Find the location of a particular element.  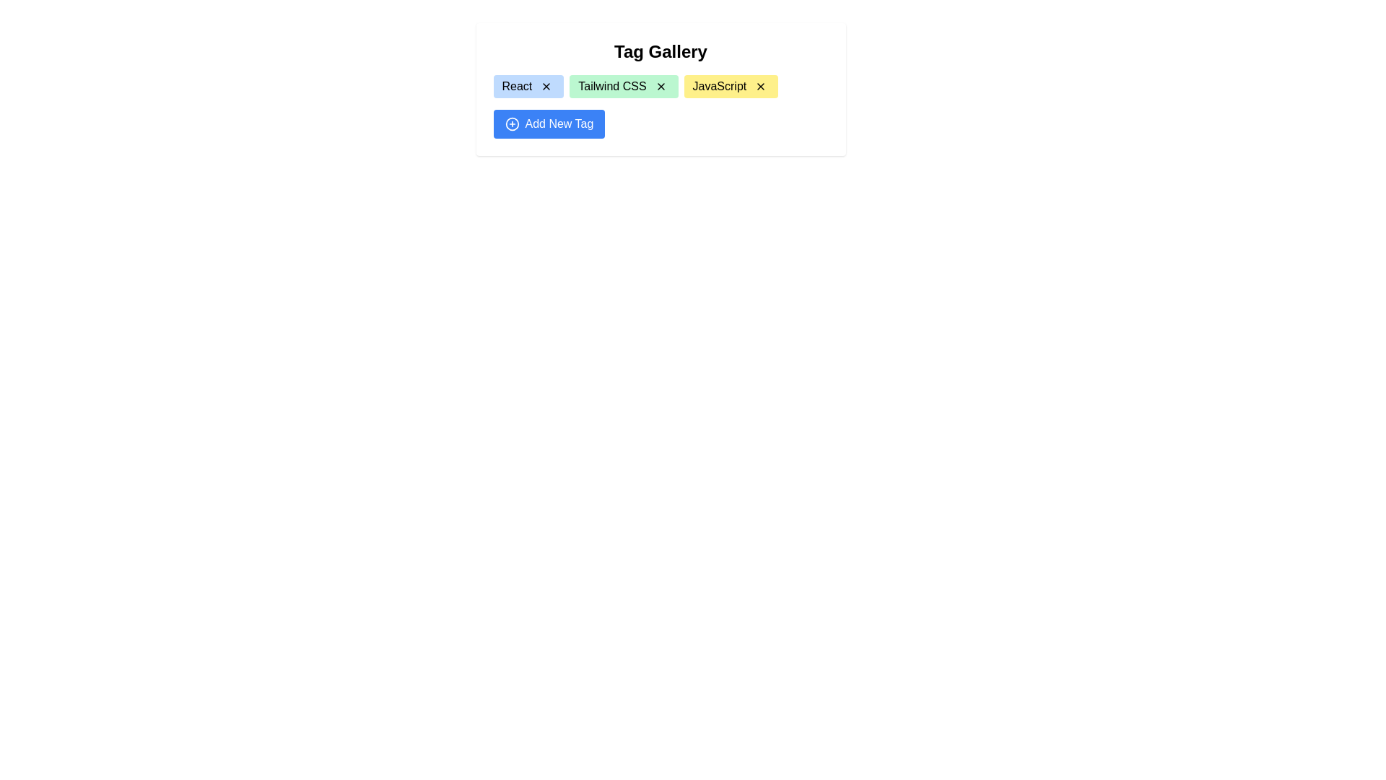

the small interactive 'x' button located on the right side inside the blue rectangular tag labeled 'React' for keyboard interaction is located at coordinates (546, 86).